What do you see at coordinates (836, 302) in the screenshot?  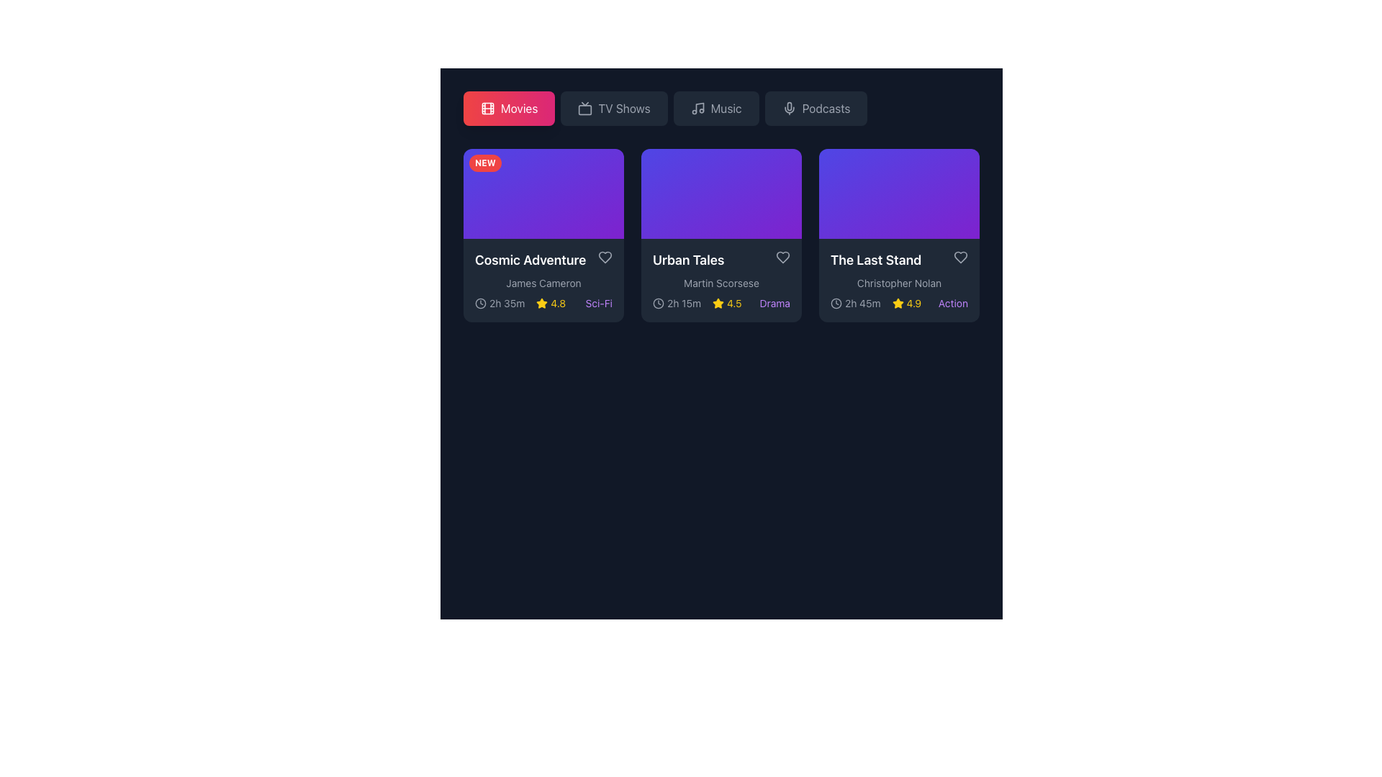 I see `the circular clock icon located to the left of the text '2h 45m' below the title 'The Last Stand' on the third card from the left in the second row` at bounding box center [836, 302].